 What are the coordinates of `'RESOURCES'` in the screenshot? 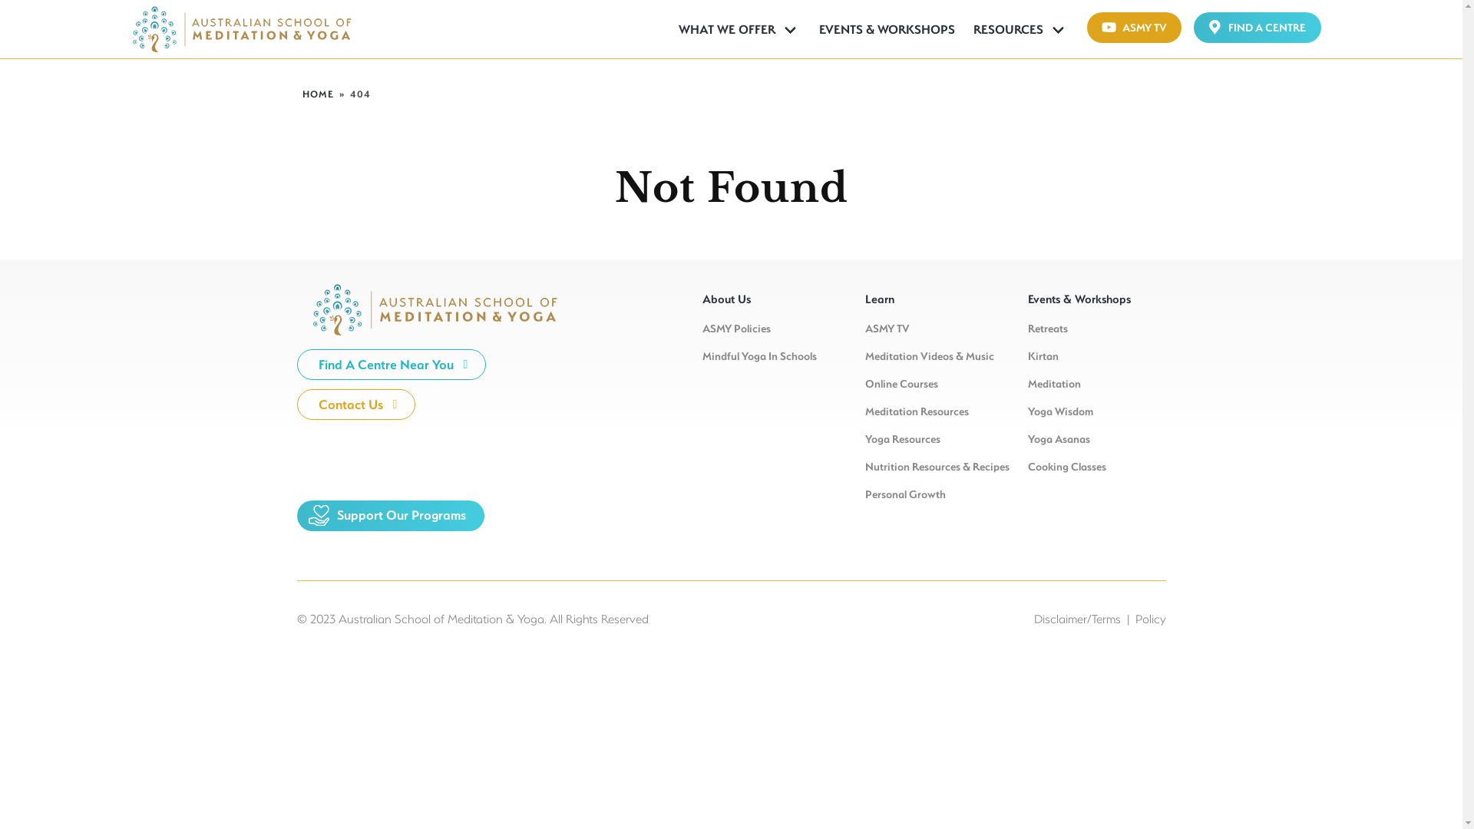 It's located at (963, 29).